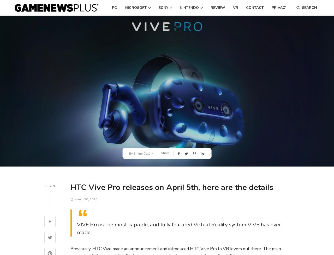  I want to click on 'Review', so click(218, 8).